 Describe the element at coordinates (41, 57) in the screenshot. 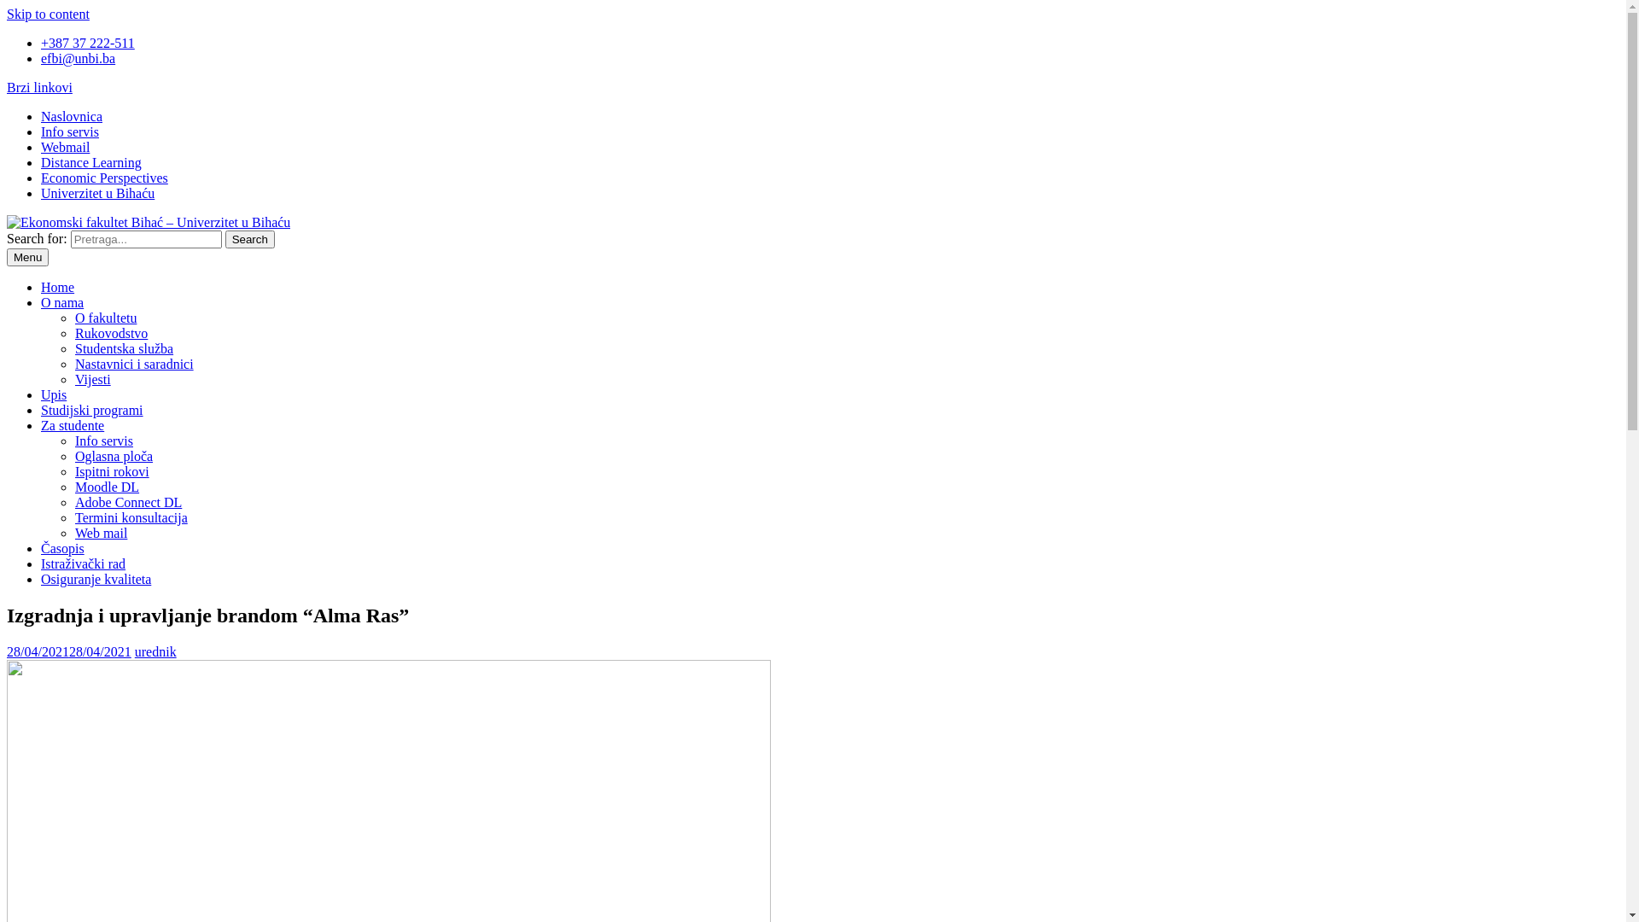

I see `'efbi@unbi.ba'` at that location.